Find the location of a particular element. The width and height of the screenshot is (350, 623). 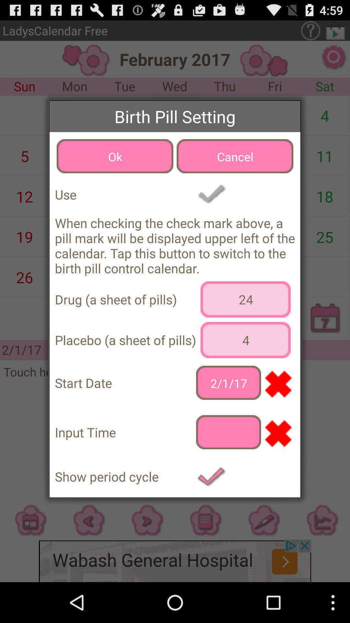

item above input time app is located at coordinates (228, 383).